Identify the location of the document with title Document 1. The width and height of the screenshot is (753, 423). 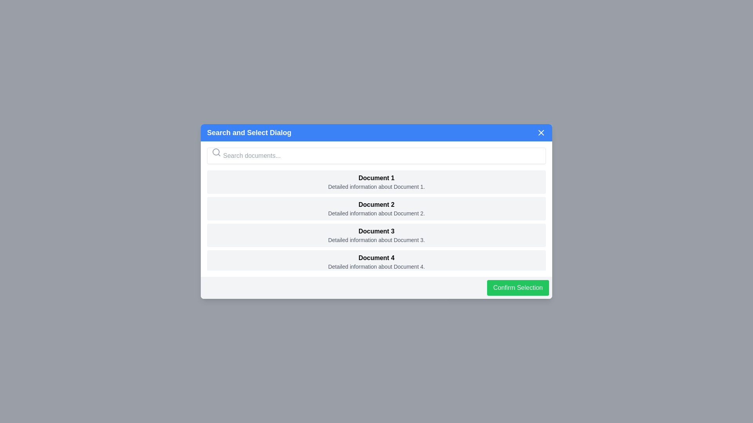
(376, 182).